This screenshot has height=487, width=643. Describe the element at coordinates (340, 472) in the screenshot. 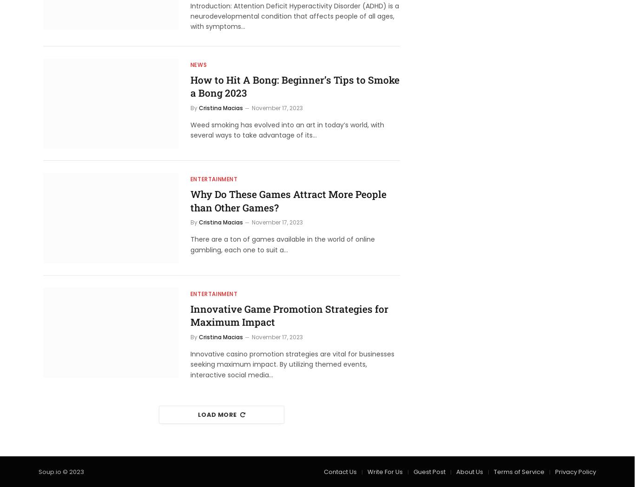

I see `'Contact Us'` at that location.